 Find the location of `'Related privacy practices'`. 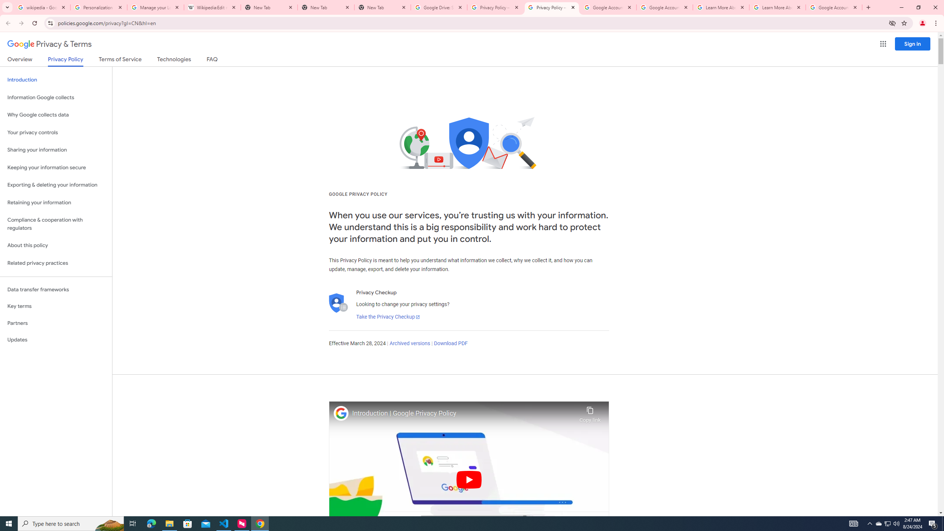

'Related privacy practices' is located at coordinates (56, 263).